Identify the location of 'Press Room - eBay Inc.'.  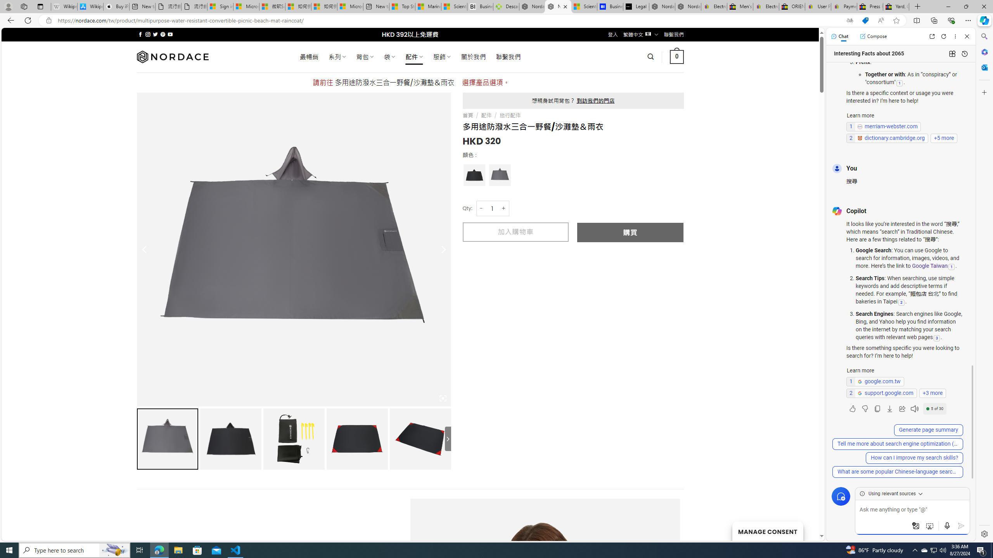
(870, 6).